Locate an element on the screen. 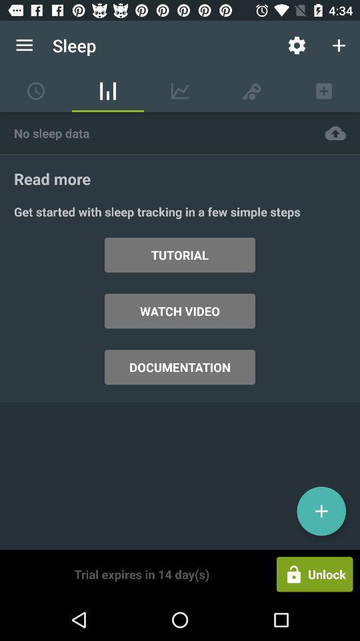 This screenshot has width=360, height=641. icon above the watch video item is located at coordinates (180, 254).